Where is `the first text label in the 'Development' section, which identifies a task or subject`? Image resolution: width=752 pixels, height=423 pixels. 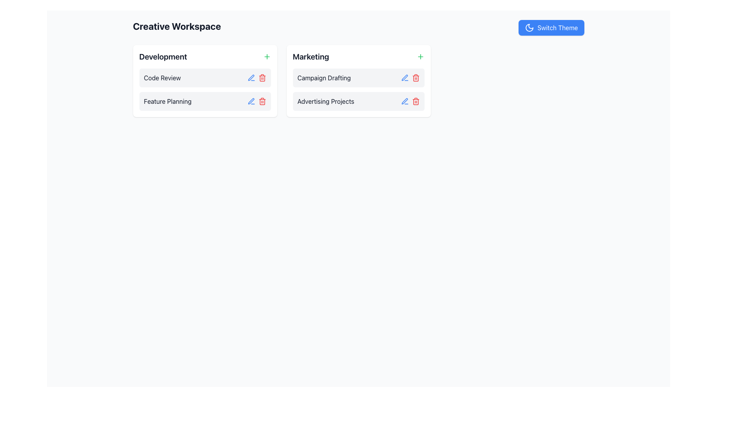
the first text label in the 'Development' section, which identifies a task or subject is located at coordinates (162, 78).